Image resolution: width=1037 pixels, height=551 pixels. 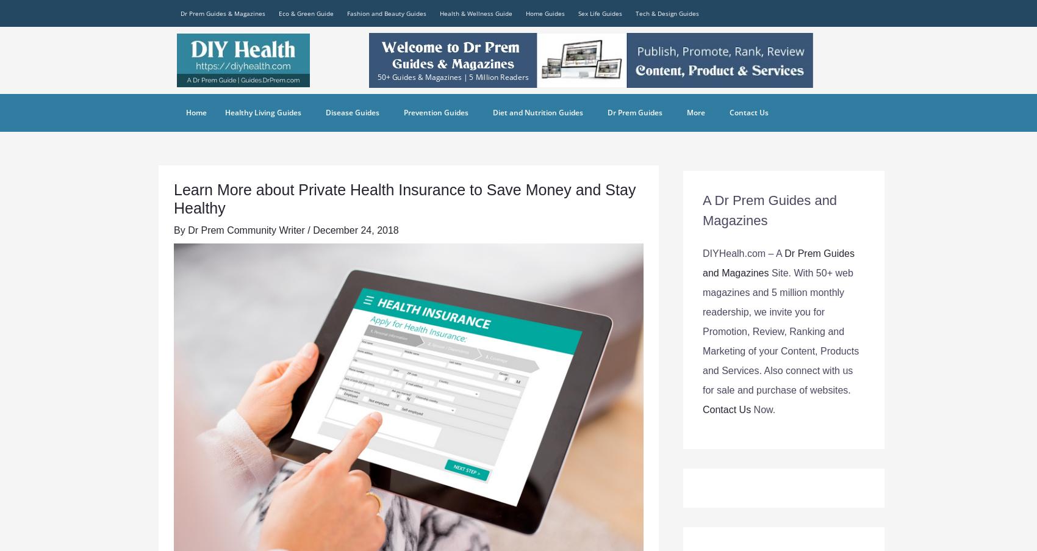 What do you see at coordinates (221, 85) in the screenshot?
I see `'Sponsor | Guest Post'` at bounding box center [221, 85].